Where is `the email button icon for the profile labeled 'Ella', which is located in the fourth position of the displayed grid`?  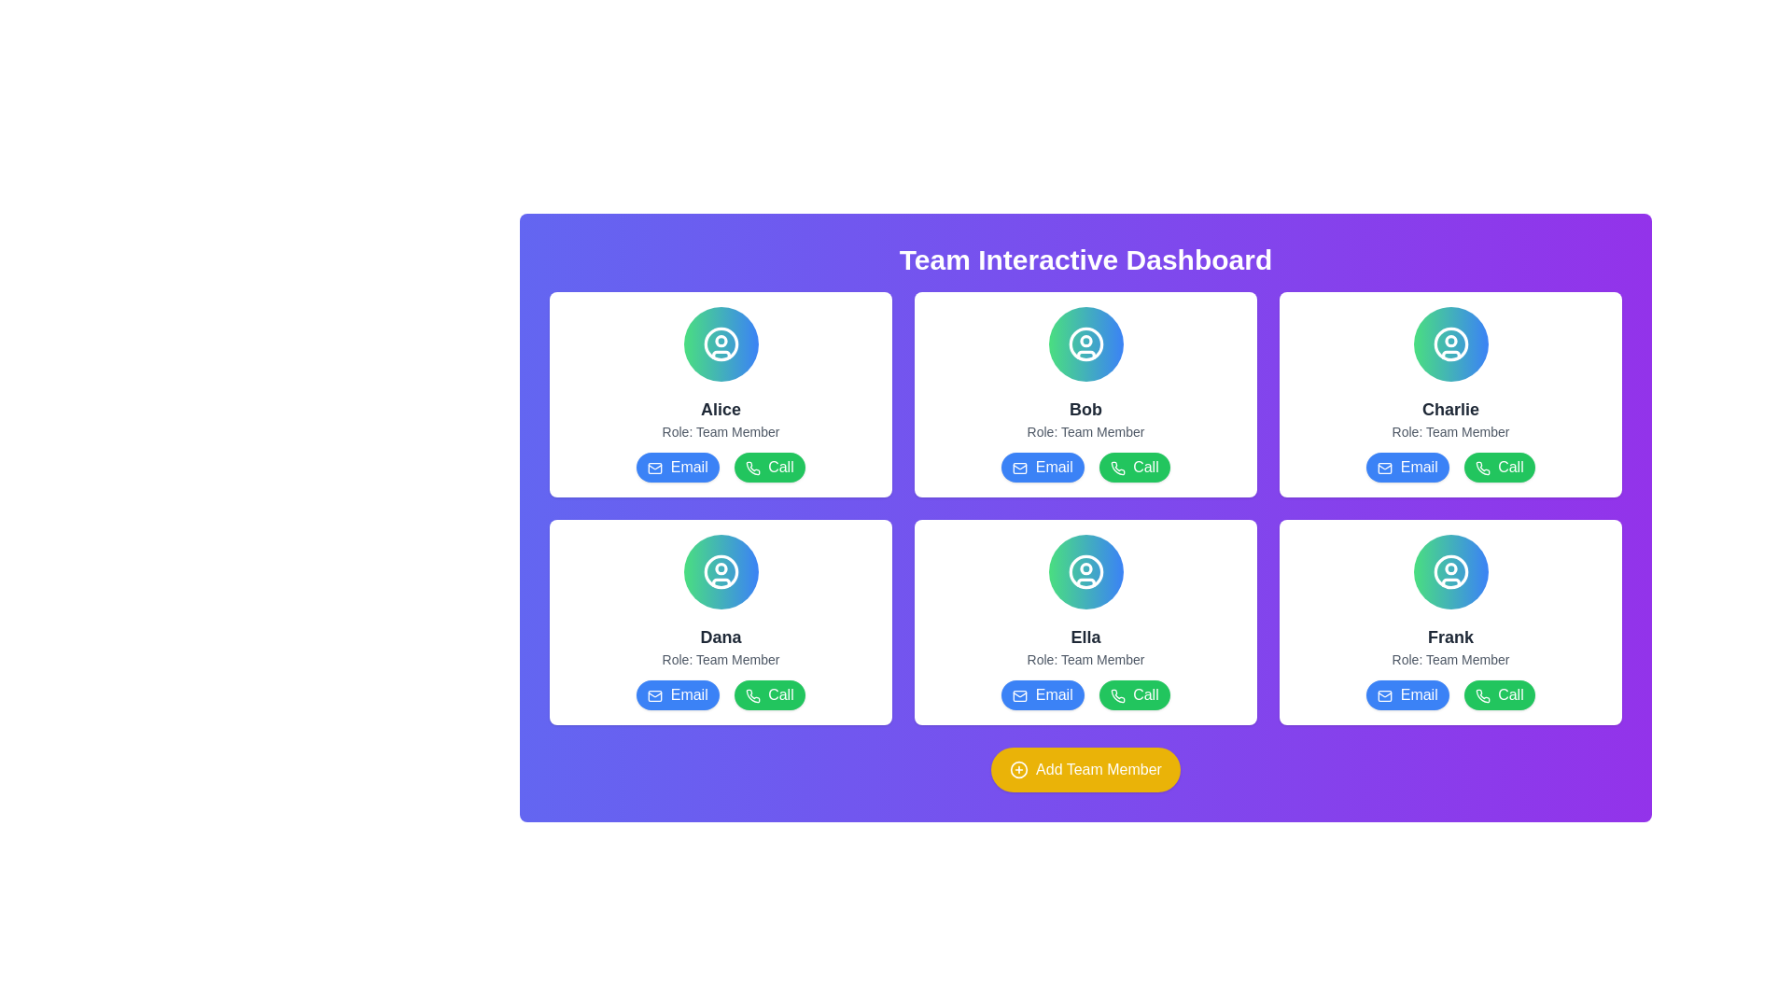
the email button icon for the profile labeled 'Ella', which is located in the fourth position of the displayed grid is located at coordinates (1019, 695).